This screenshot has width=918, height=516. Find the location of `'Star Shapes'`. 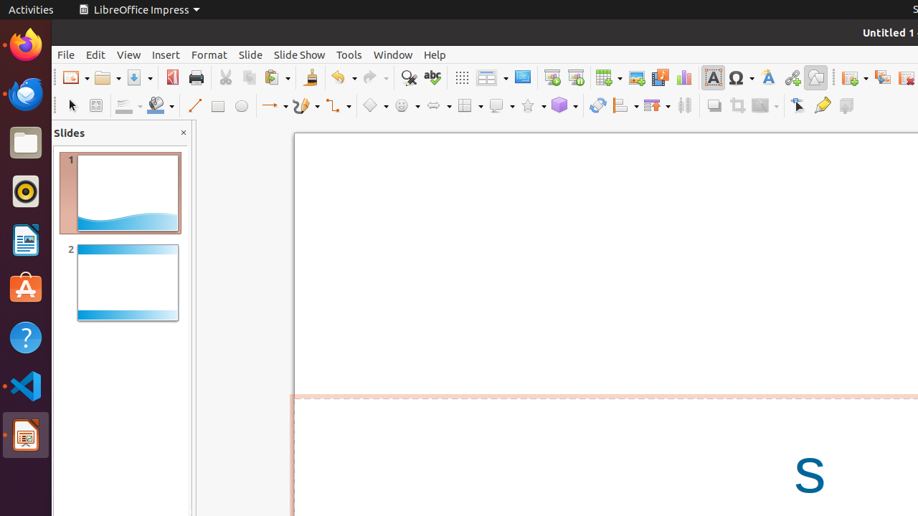

'Star Shapes' is located at coordinates (532, 105).